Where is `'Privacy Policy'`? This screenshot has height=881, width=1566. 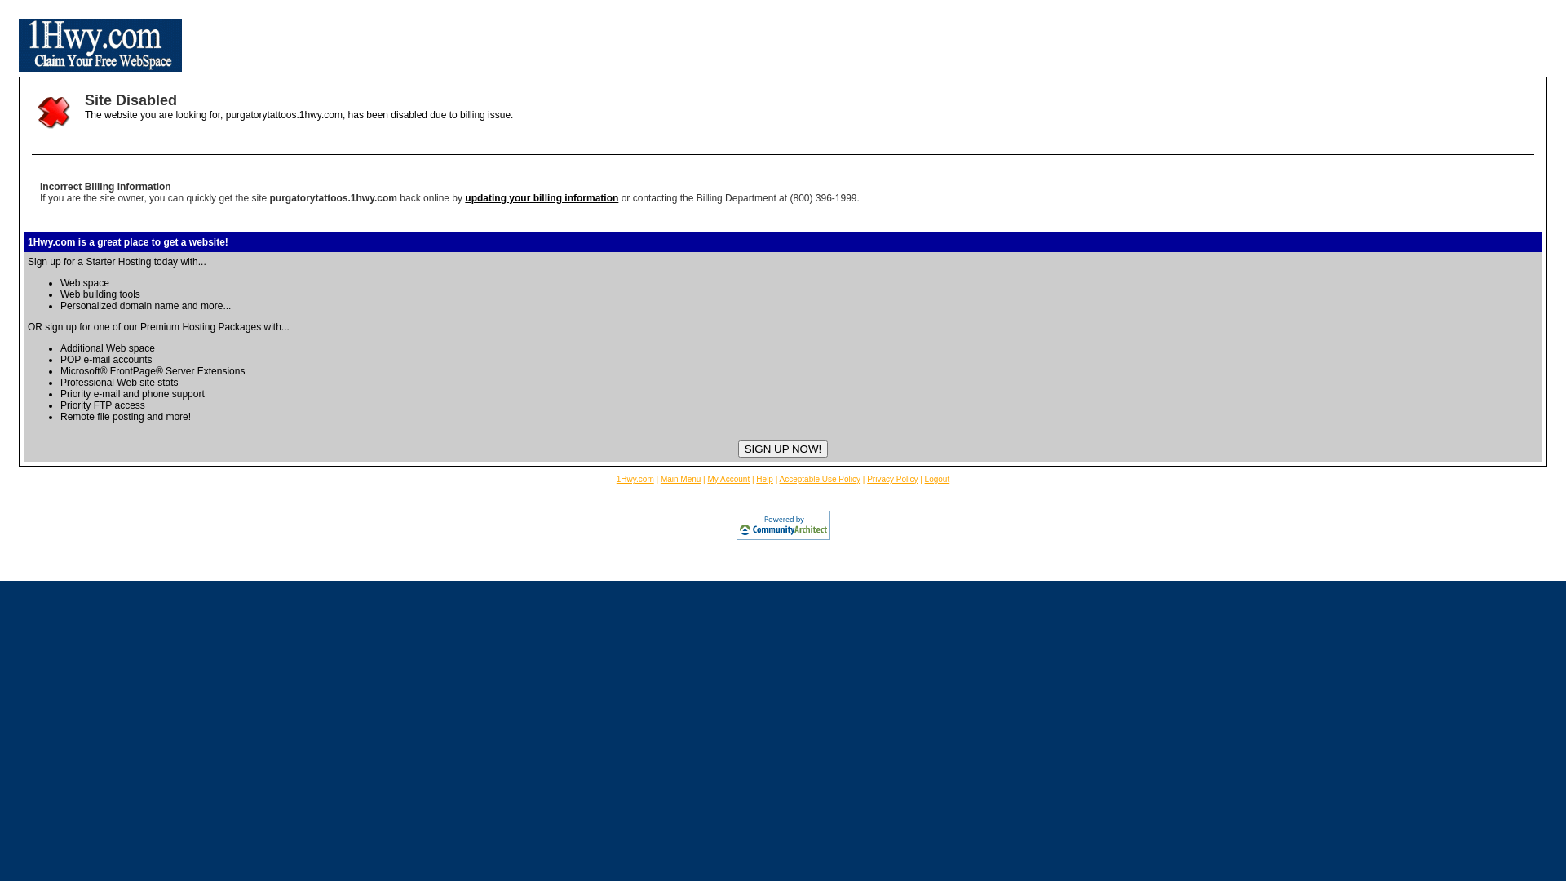
'Privacy Policy' is located at coordinates (891, 478).